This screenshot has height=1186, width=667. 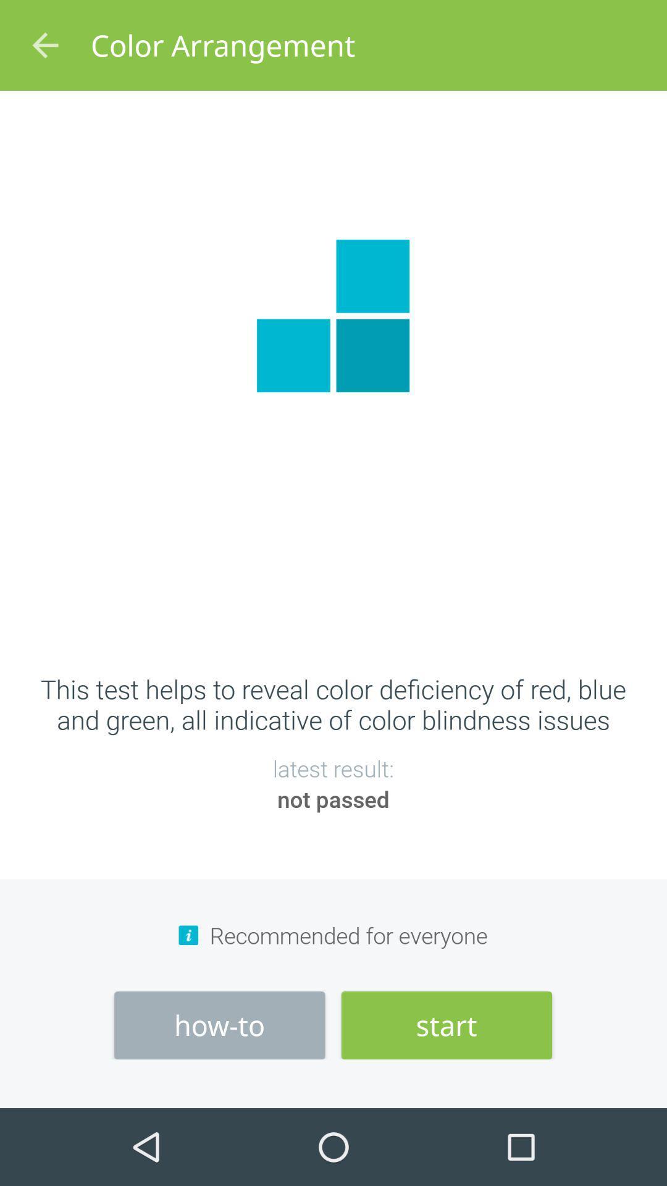 What do you see at coordinates (44, 45) in the screenshot?
I see `icon at the top left corner` at bounding box center [44, 45].